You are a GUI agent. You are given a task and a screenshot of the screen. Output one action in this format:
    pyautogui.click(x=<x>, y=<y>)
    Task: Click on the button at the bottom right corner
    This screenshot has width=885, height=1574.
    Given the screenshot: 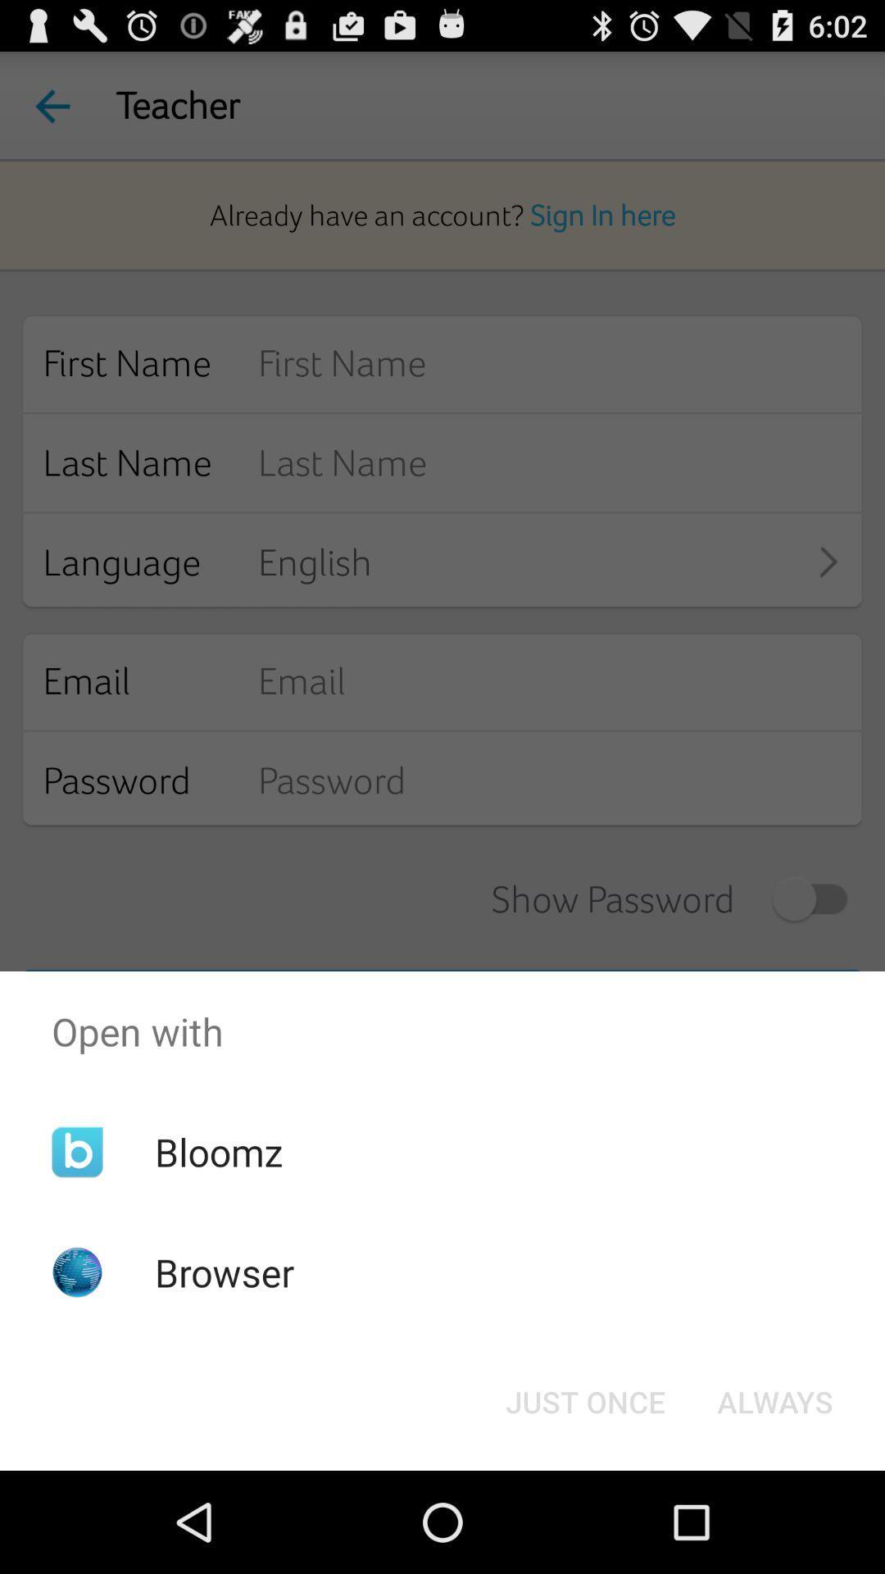 What is the action you would take?
    pyautogui.click(x=774, y=1400)
    